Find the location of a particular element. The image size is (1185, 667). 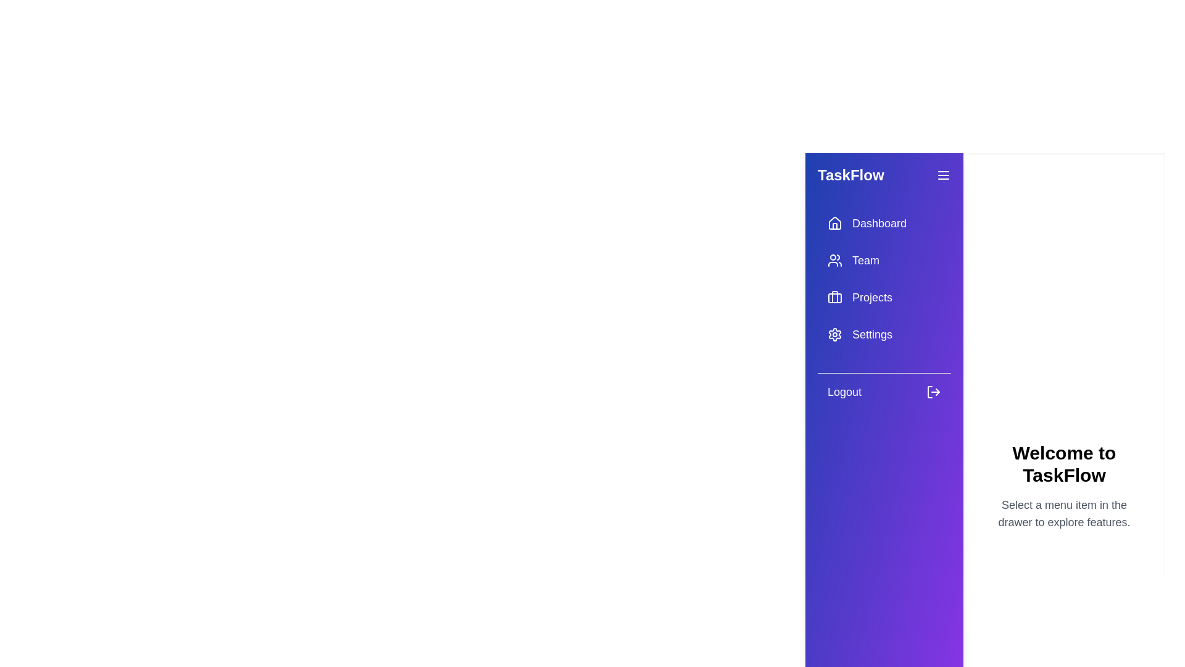

the menu item Settings from the drawer is located at coordinates (884, 335).